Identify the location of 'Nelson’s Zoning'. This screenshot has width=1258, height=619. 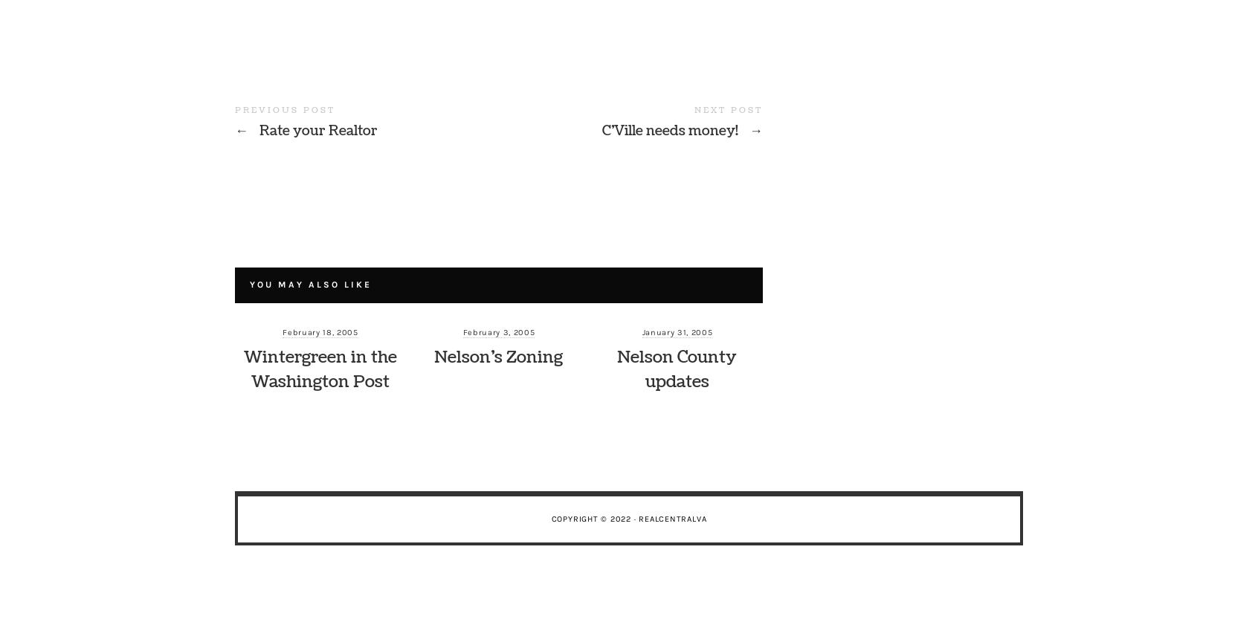
(498, 356).